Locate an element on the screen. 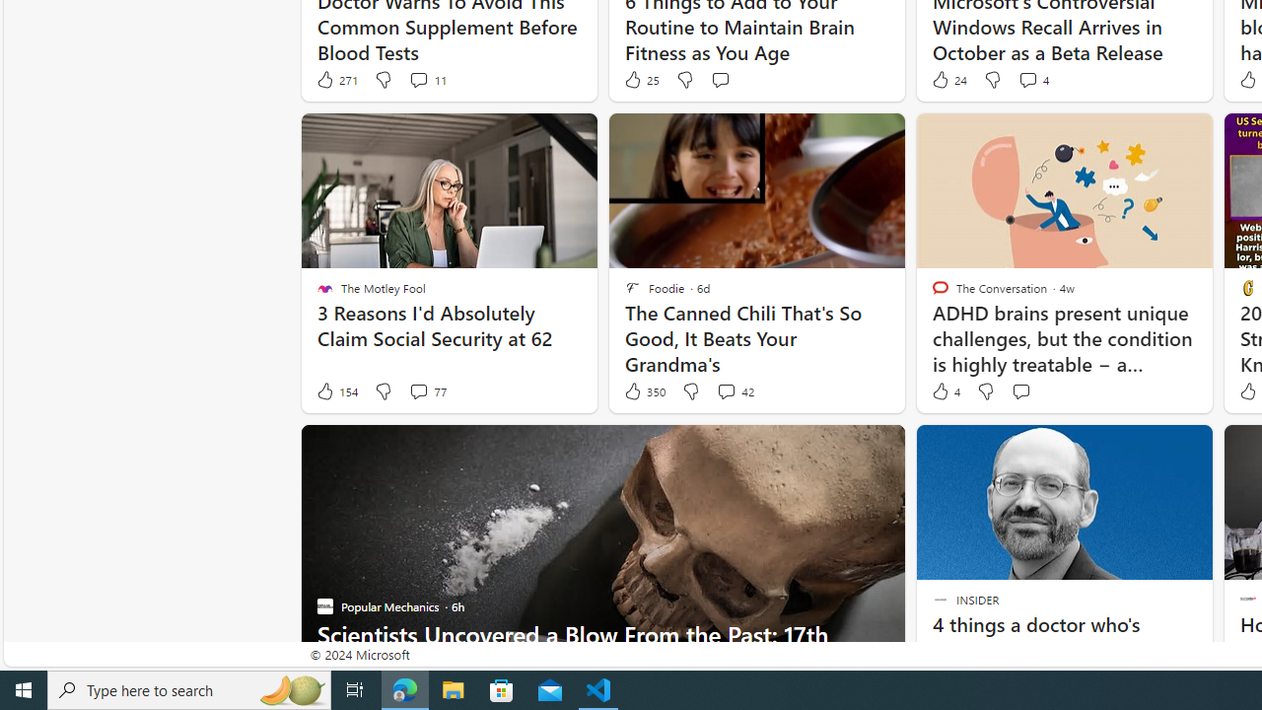  '154 Like' is located at coordinates (336, 391).